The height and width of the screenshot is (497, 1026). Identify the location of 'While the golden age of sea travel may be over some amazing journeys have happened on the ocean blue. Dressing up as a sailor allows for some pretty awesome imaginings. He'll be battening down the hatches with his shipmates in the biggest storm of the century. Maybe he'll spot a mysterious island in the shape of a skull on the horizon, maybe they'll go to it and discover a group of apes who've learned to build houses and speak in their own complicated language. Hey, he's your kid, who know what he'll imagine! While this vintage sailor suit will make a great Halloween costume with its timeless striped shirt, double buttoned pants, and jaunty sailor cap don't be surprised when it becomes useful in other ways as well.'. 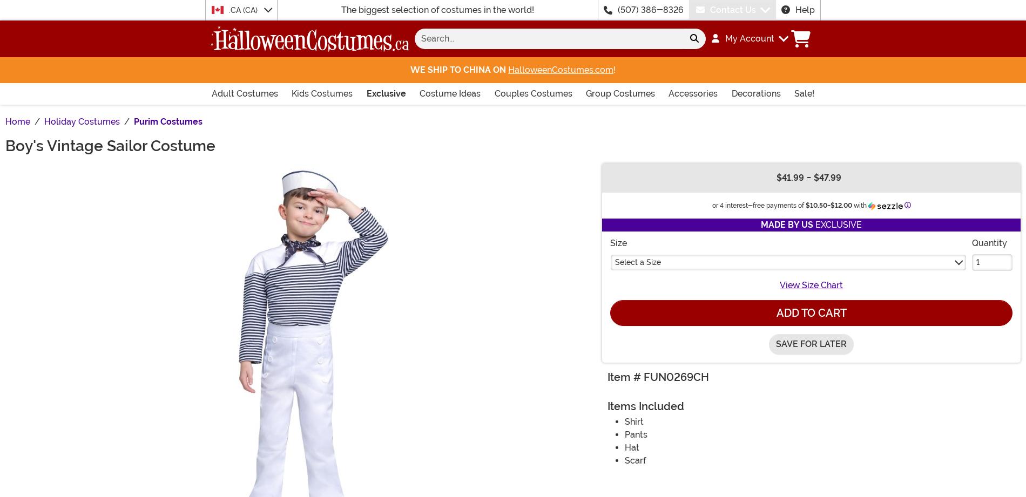
(508, 114).